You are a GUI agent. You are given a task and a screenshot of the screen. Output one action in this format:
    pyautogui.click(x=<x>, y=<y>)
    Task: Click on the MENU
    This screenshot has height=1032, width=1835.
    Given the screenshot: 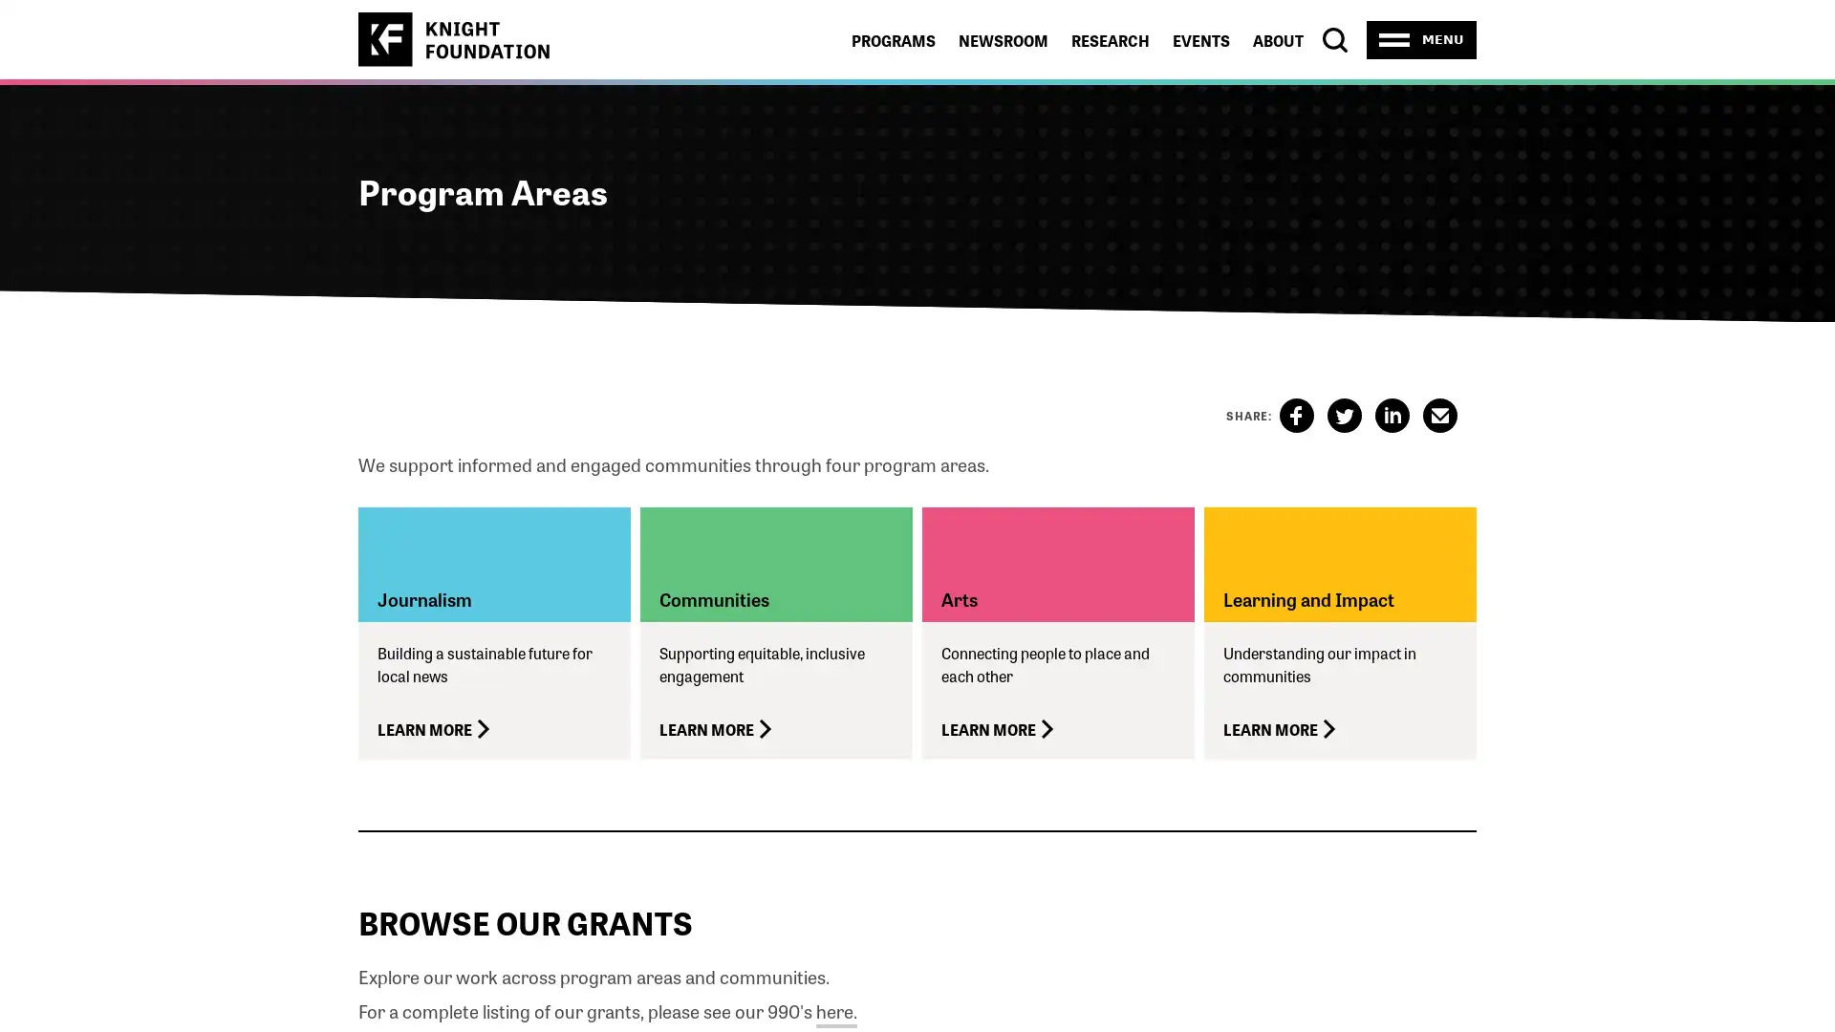 What is the action you would take?
    pyautogui.click(x=1421, y=39)
    